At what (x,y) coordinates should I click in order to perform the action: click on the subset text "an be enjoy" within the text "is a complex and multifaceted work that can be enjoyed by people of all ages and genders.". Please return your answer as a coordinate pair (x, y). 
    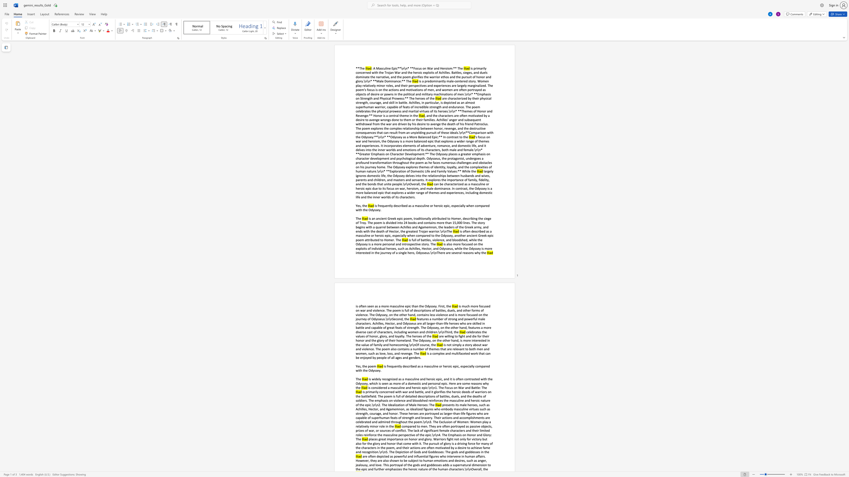
    Looking at the image, I should click on (486, 353).